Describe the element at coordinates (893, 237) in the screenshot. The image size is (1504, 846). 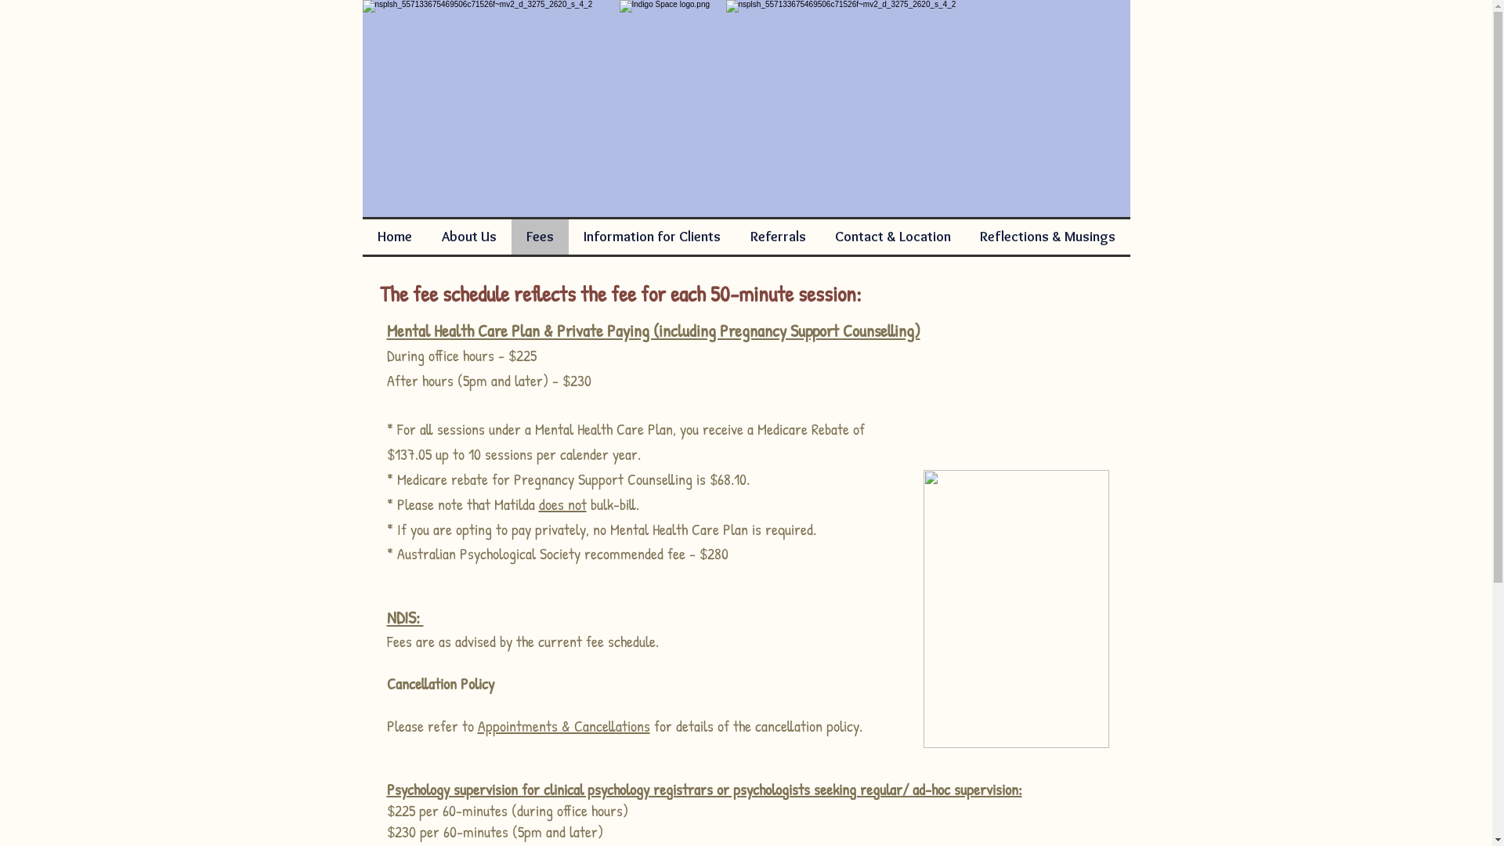
I see `'Contact & Location'` at that location.